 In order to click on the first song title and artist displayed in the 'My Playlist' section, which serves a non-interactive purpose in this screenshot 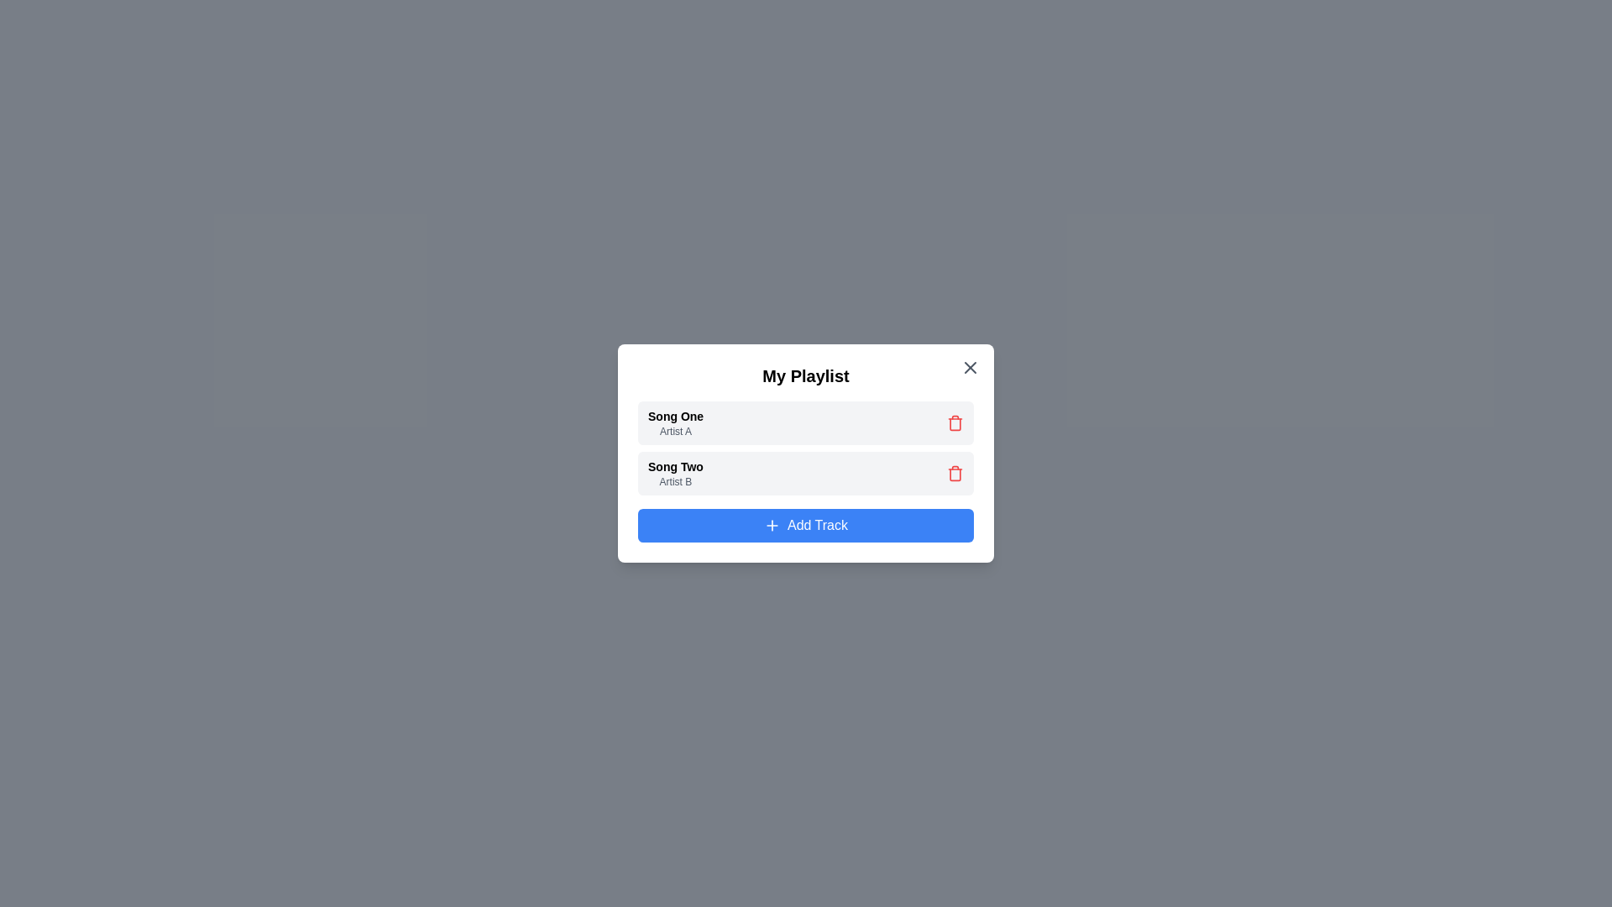, I will do `click(676, 422)`.